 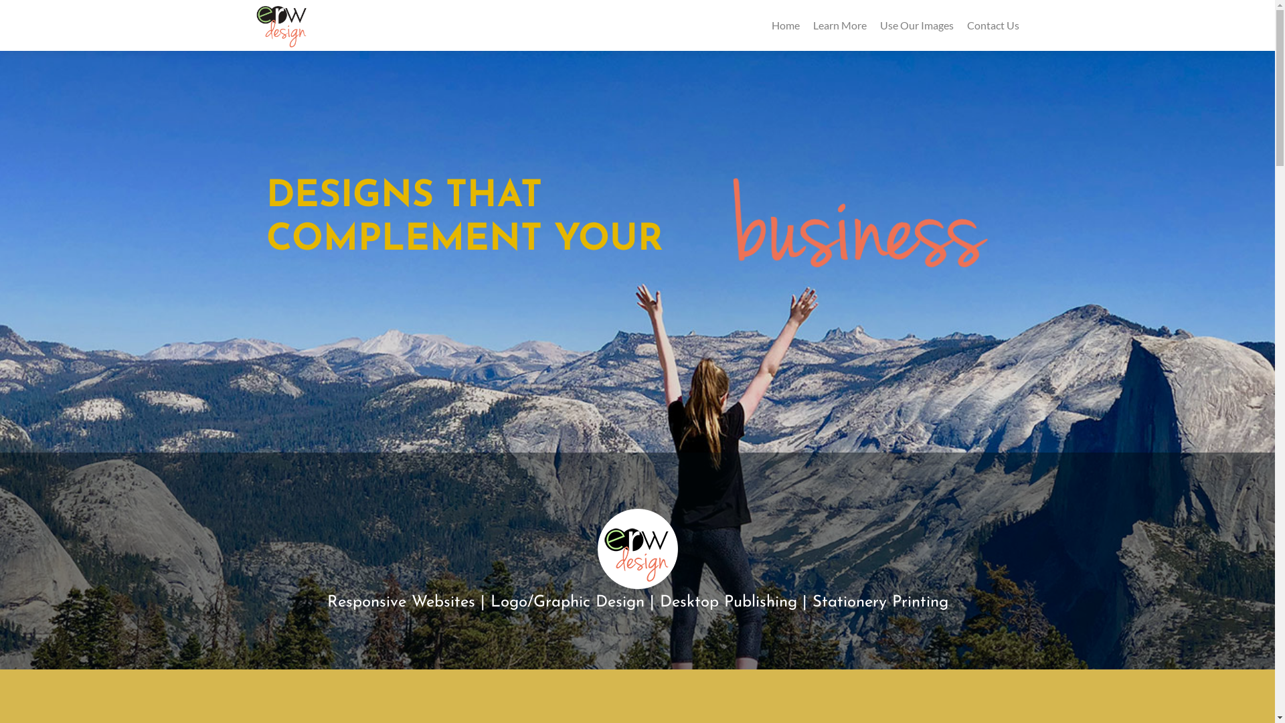 I want to click on 'Skip to content', so click(x=5, y=11).